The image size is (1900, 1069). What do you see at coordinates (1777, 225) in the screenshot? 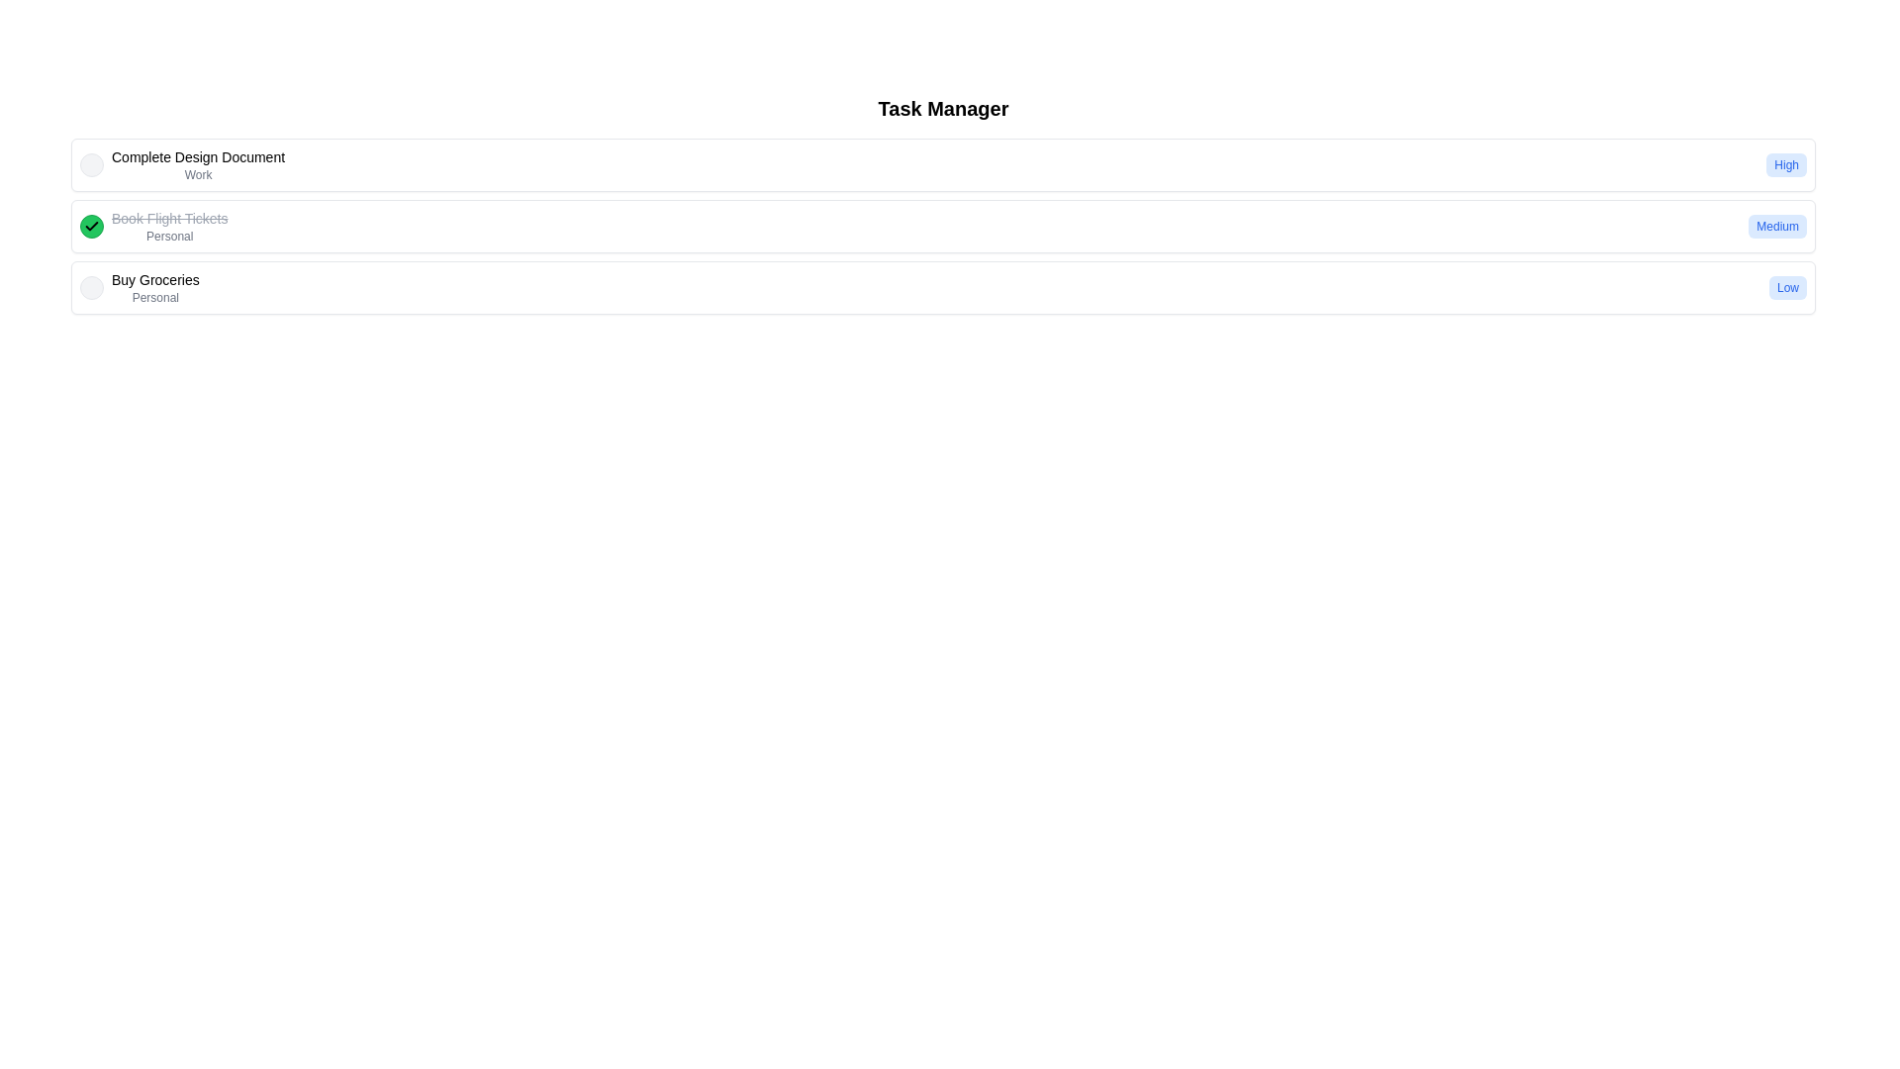
I see `the priority represented by the label with light blue background and blue text displaying 'Medium', which is located in the second row of the task list, next to 'Book Flight Tickets'` at bounding box center [1777, 225].